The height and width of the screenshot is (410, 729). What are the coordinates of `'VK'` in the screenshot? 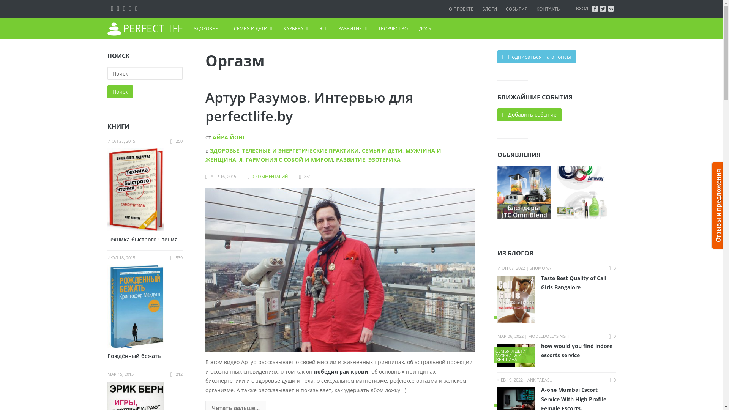 It's located at (111, 8).